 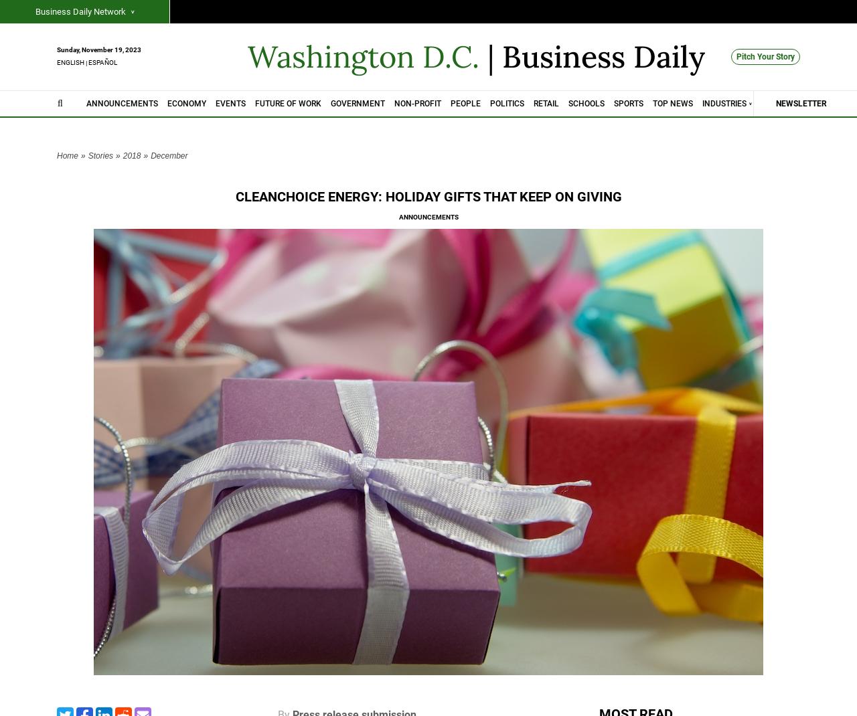 I want to click on 'CLEANCHOICE ENERGY: Holiday Gifts That Keep On Giving', so click(x=427, y=197).